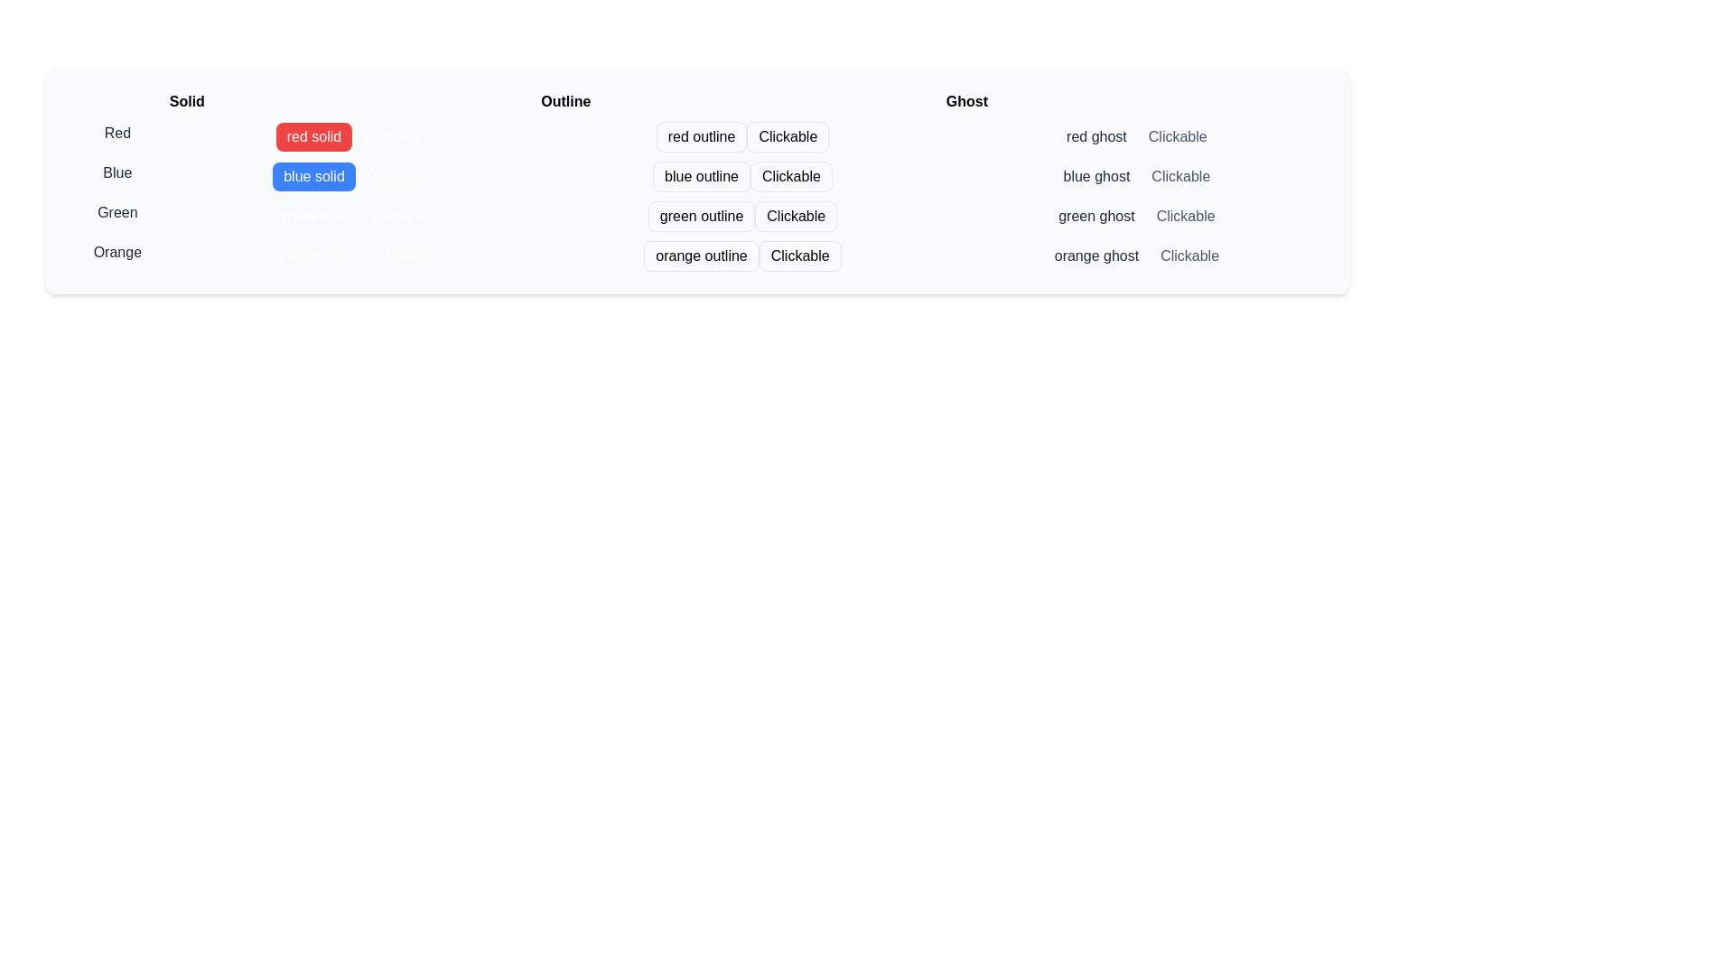  I want to click on the label indicating a red solid state, positioned in the first row of the 'Solid' column, adjacent to 'Red' on the left and 'Clickable' on the right, so click(313, 135).